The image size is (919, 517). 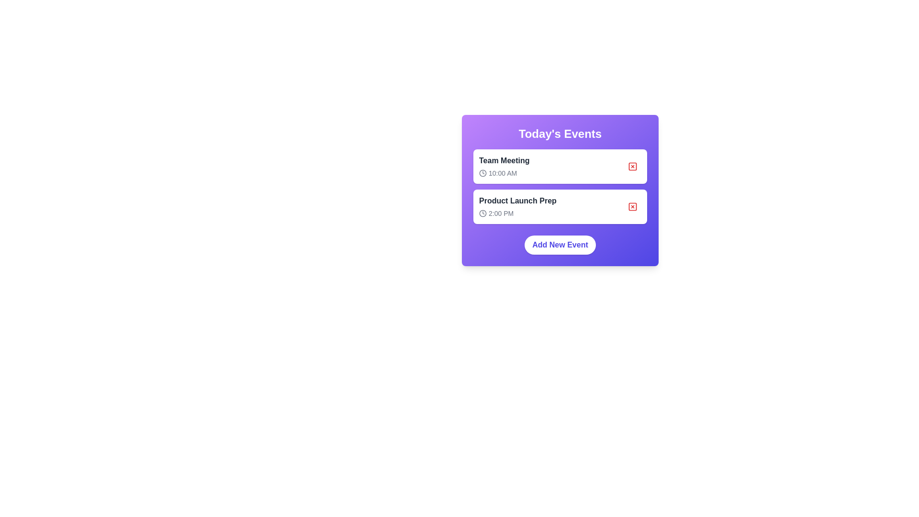 I want to click on the outer rectangular boundary of the delete icon for the 'Product Launch Prep' event, located near the right edge of the event block, so click(x=632, y=206).